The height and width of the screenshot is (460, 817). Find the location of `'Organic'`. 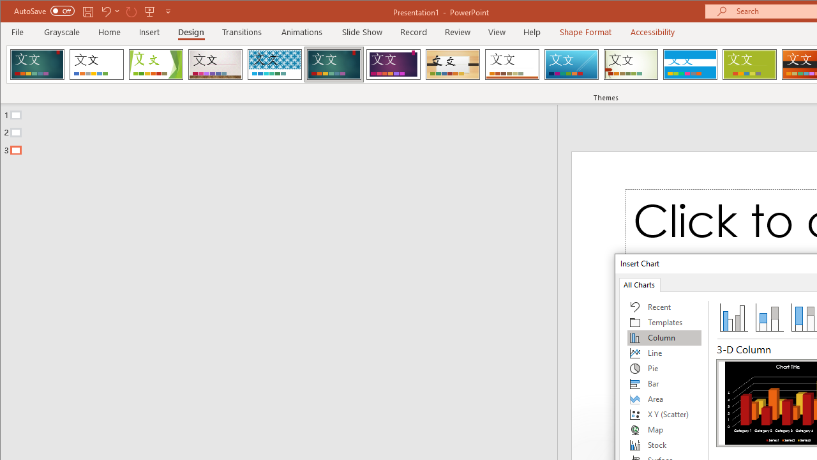

'Organic' is located at coordinates (453, 64).